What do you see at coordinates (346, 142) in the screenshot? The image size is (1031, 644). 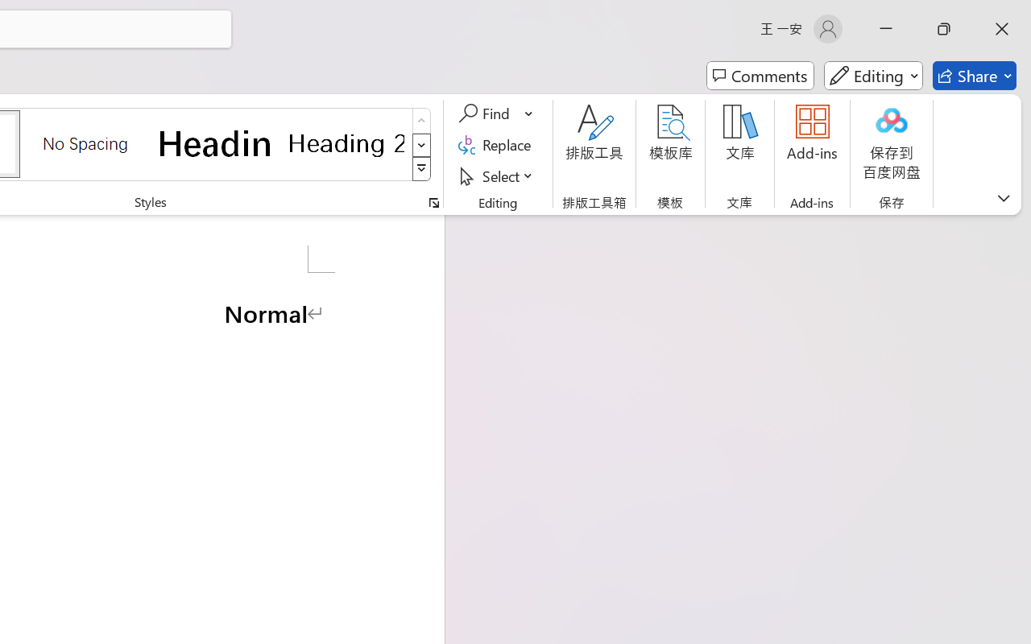 I see `'Heading 2'` at bounding box center [346, 142].